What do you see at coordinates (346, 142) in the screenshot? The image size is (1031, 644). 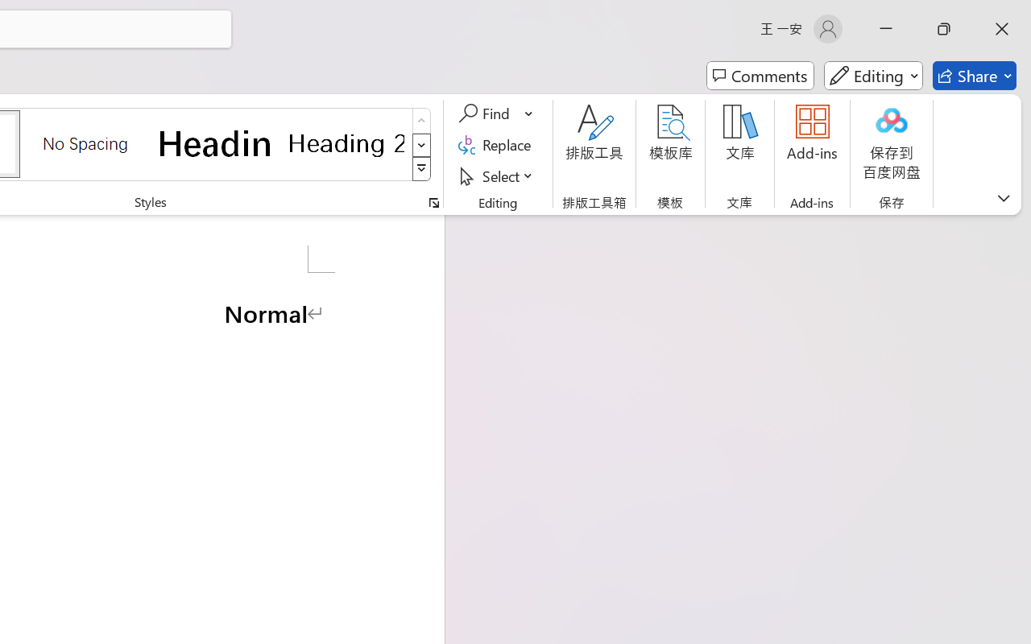 I see `'Heading 2'` at bounding box center [346, 142].